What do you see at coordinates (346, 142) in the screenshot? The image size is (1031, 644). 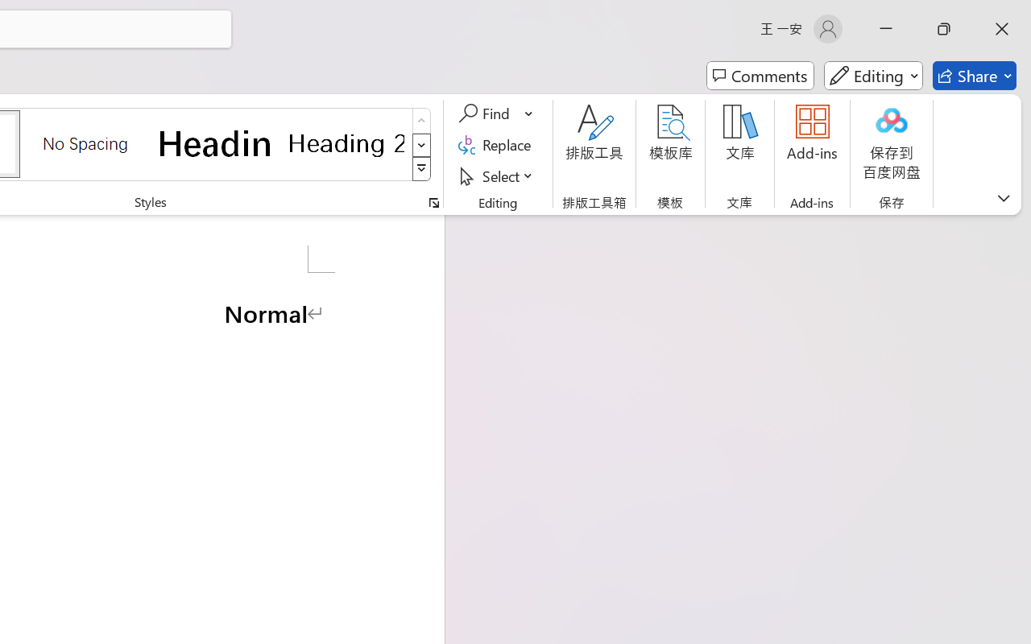 I see `'Heading 2'` at bounding box center [346, 142].